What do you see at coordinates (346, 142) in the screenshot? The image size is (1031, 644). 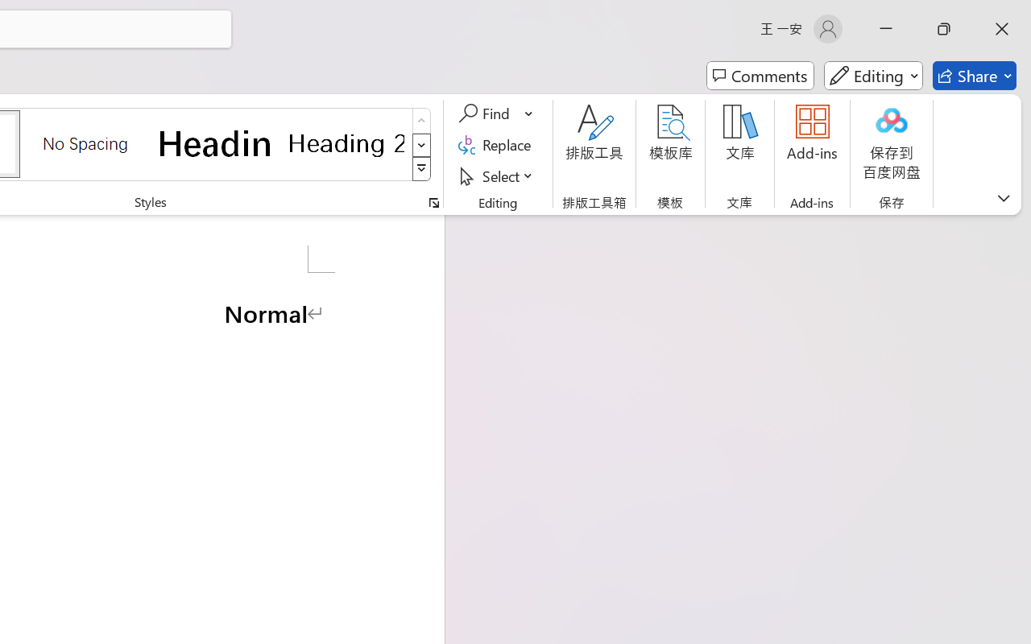 I see `'Heading 2'` at bounding box center [346, 142].